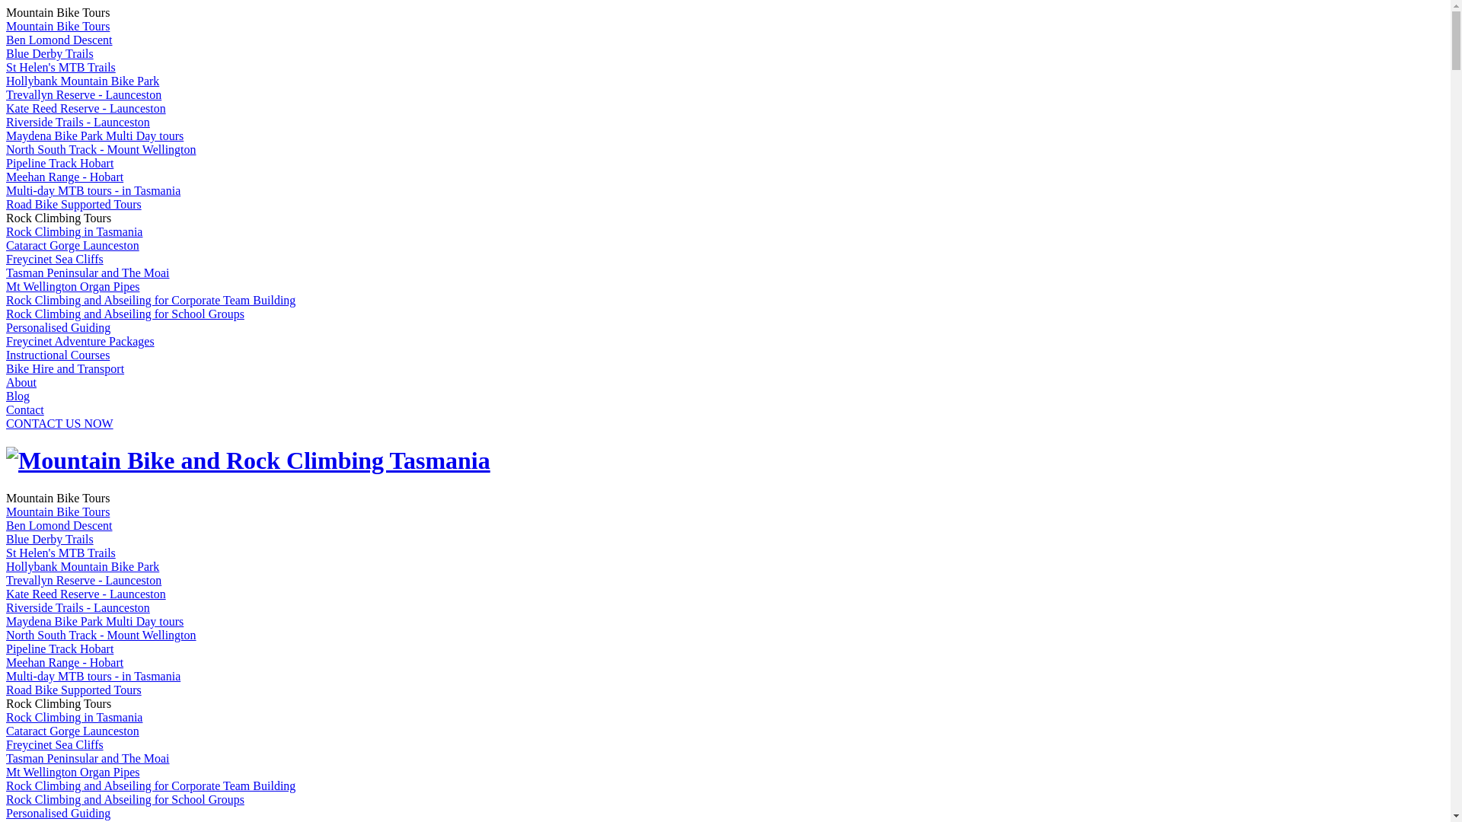 The image size is (1462, 822). Describe the element at coordinates (59, 163) in the screenshot. I see `'Pipeline Track Hobart'` at that location.